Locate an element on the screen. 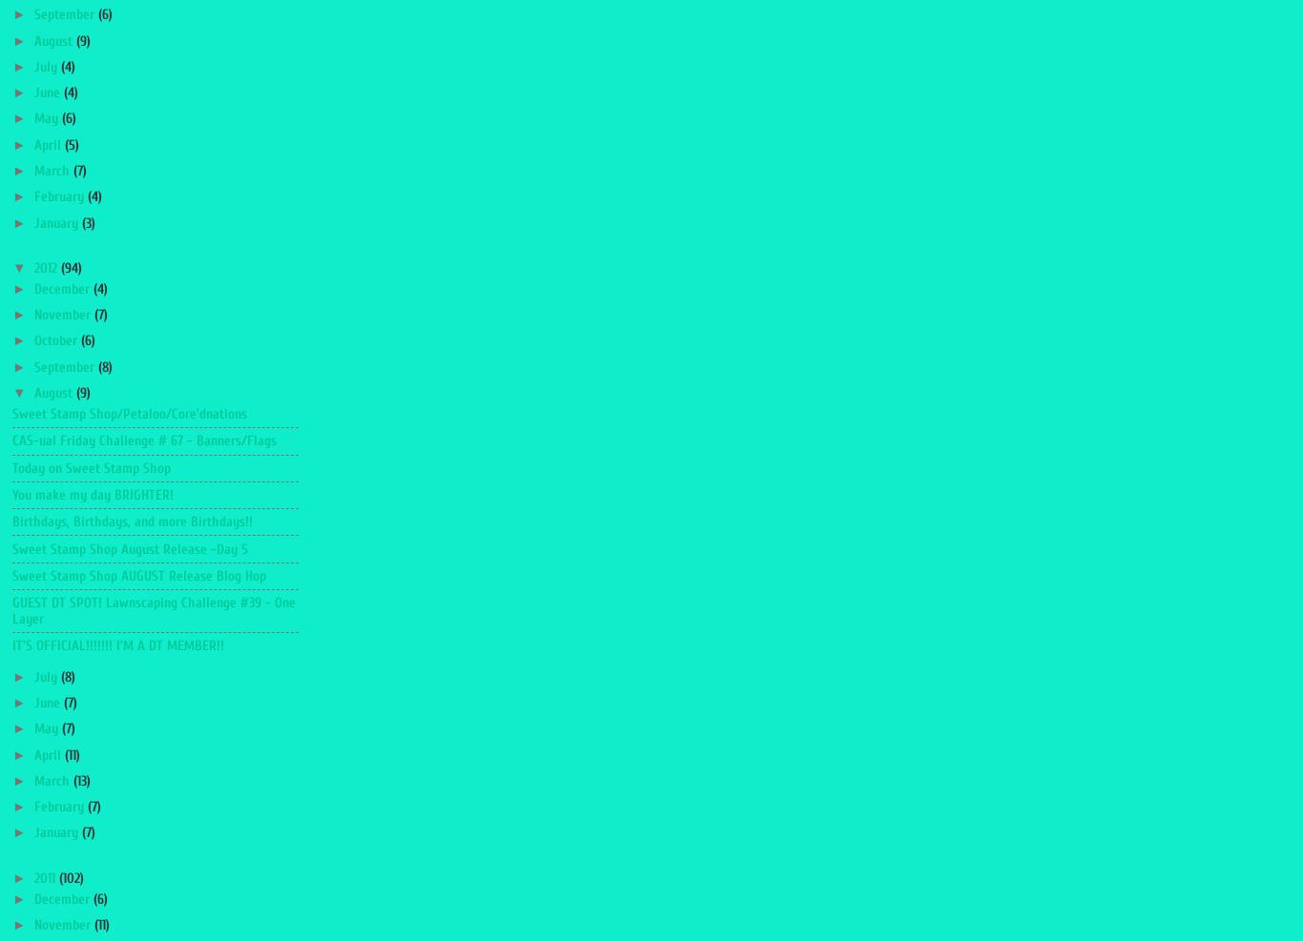 This screenshot has width=1303, height=941. '(94)' is located at coordinates (59, 267).